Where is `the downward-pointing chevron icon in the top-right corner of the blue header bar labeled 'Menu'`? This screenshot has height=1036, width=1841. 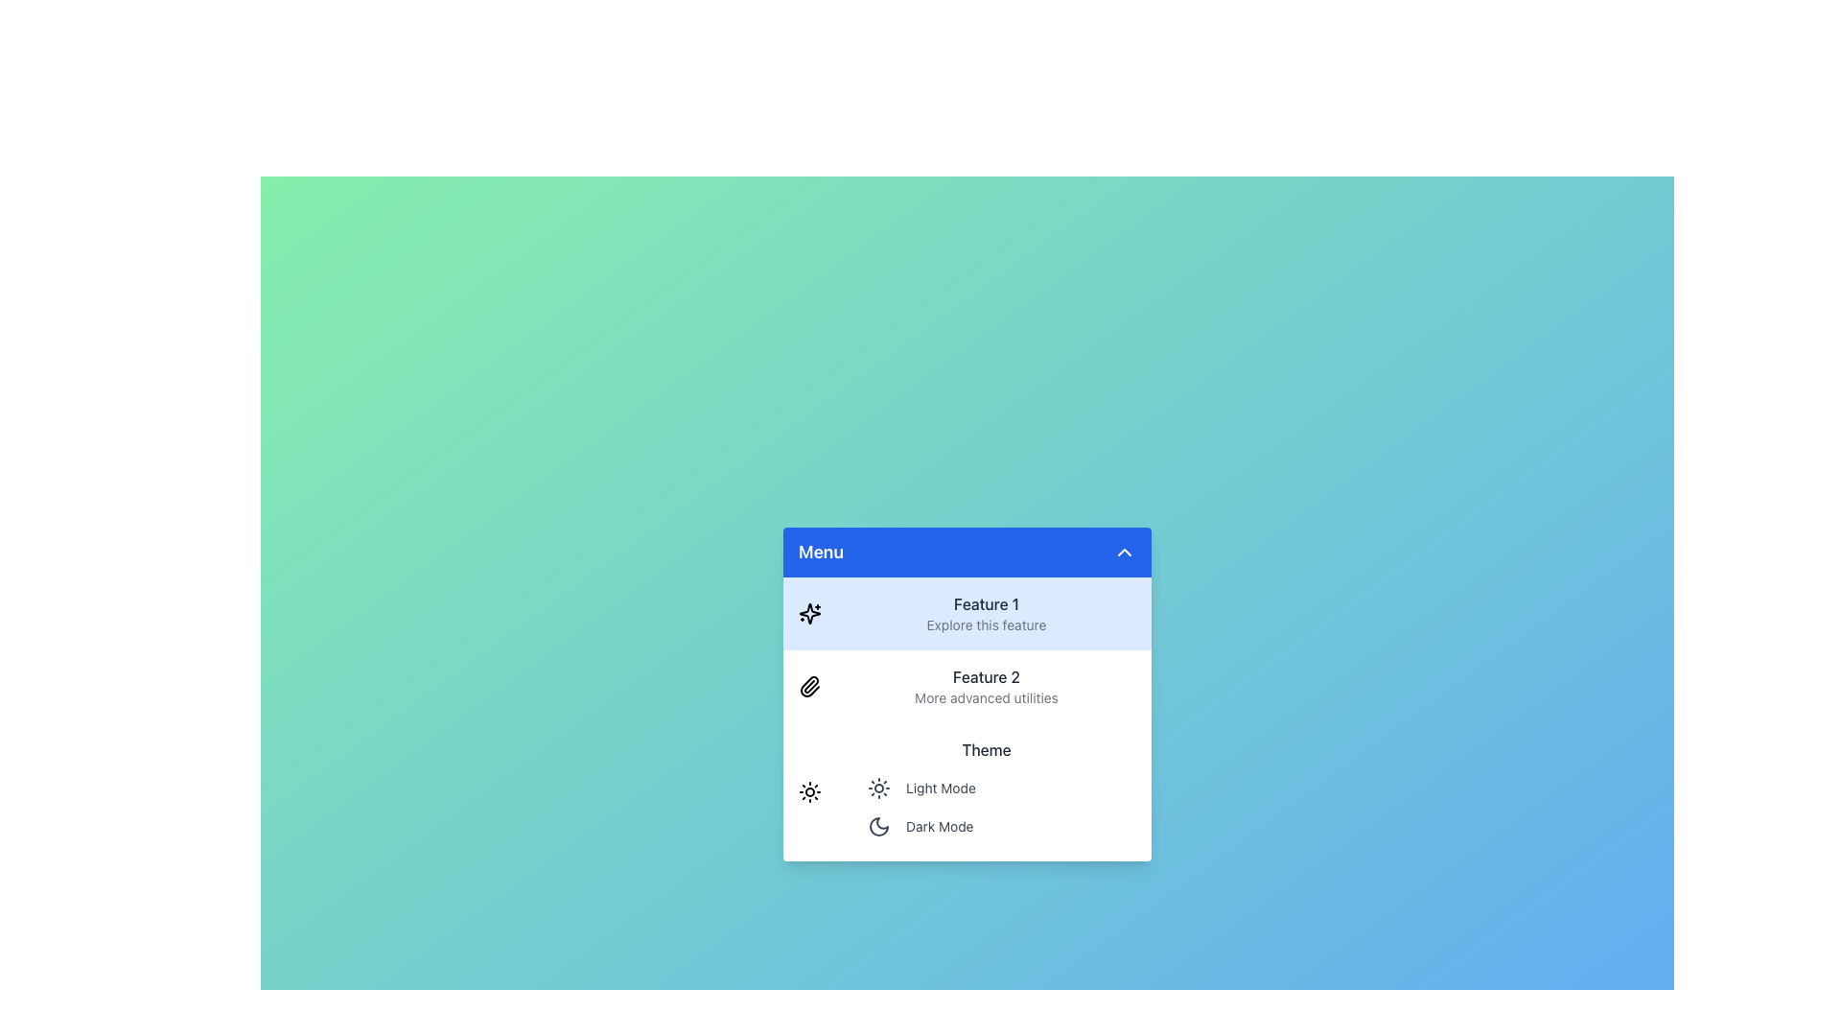 the downward-pointing chevron icon in the top-right corner of the blue header bar labeled 'Menu' is located at coordinates (1124, 552).